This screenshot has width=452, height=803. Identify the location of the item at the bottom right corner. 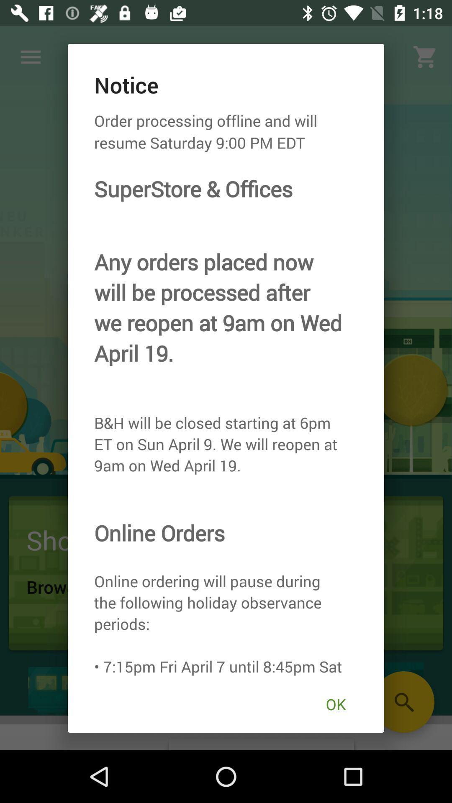
(335, 703).